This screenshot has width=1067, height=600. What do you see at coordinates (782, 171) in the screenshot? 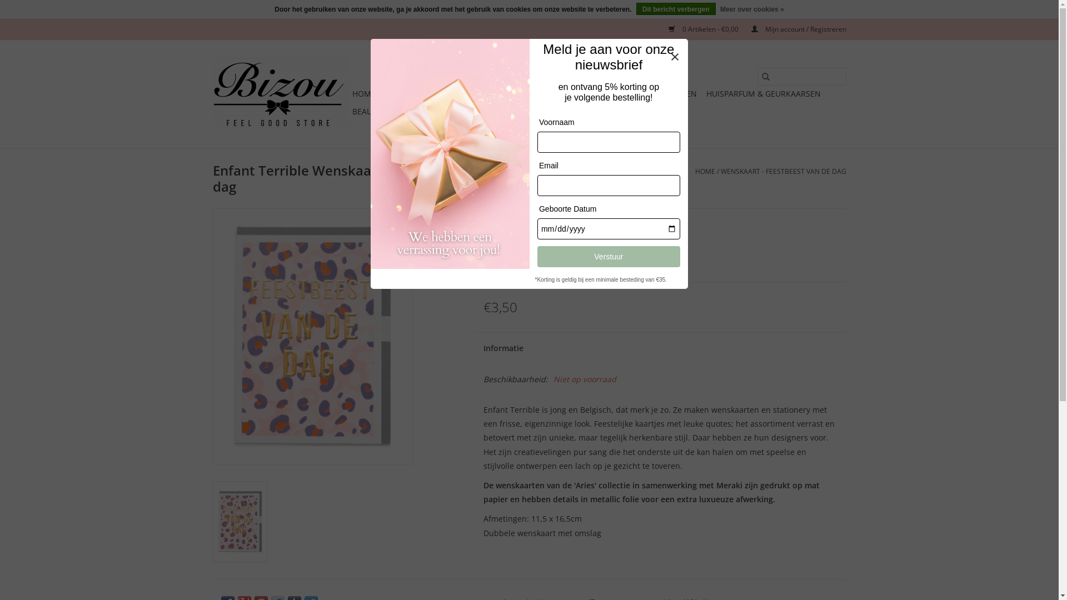
I see `'WENSKAART - FEESTBEEST VAN DE DAG'` at bounding box center [782, 171].